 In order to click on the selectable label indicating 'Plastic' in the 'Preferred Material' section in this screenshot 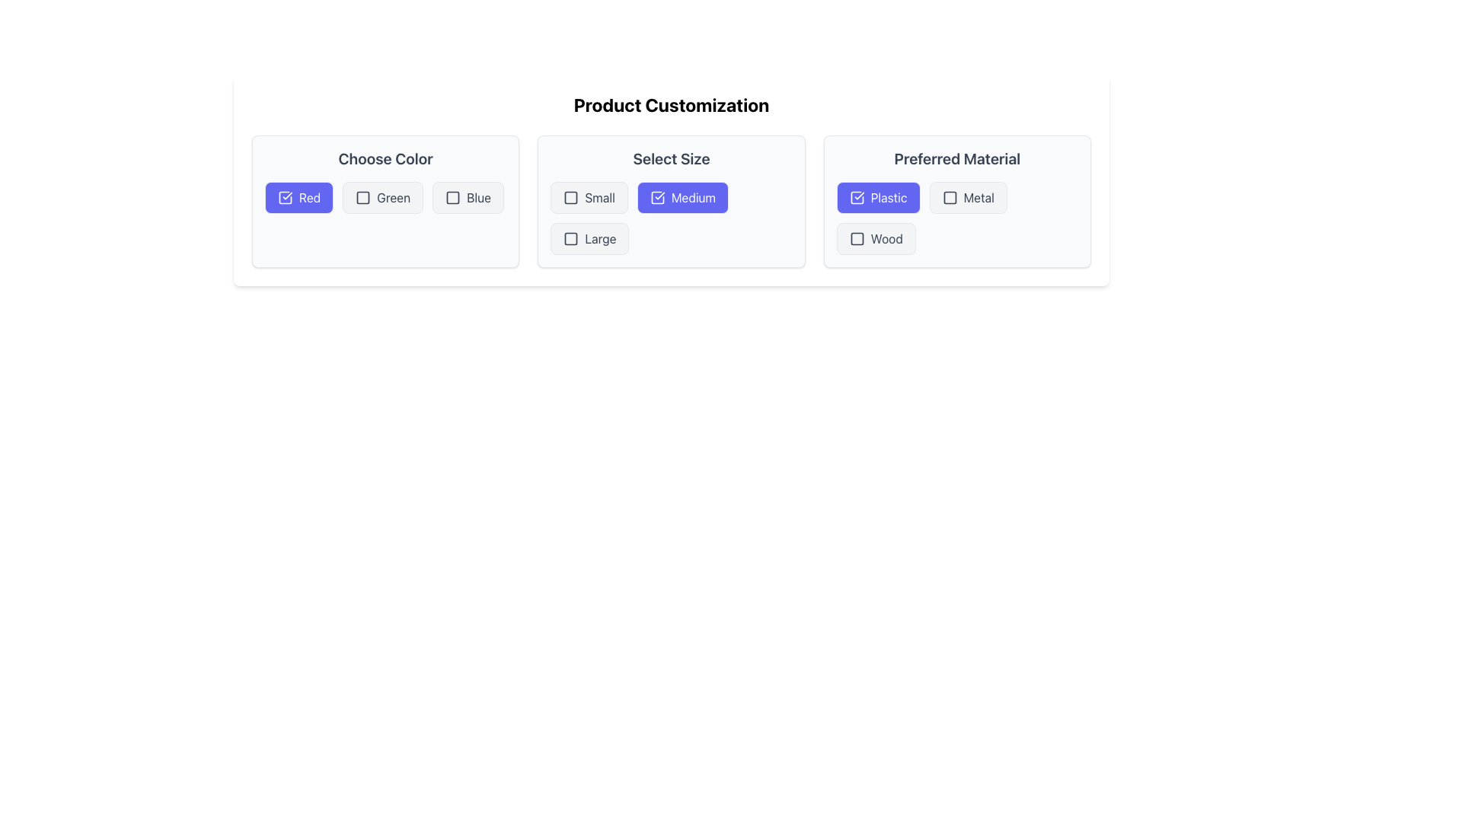, I will do `click(889, 196)`.